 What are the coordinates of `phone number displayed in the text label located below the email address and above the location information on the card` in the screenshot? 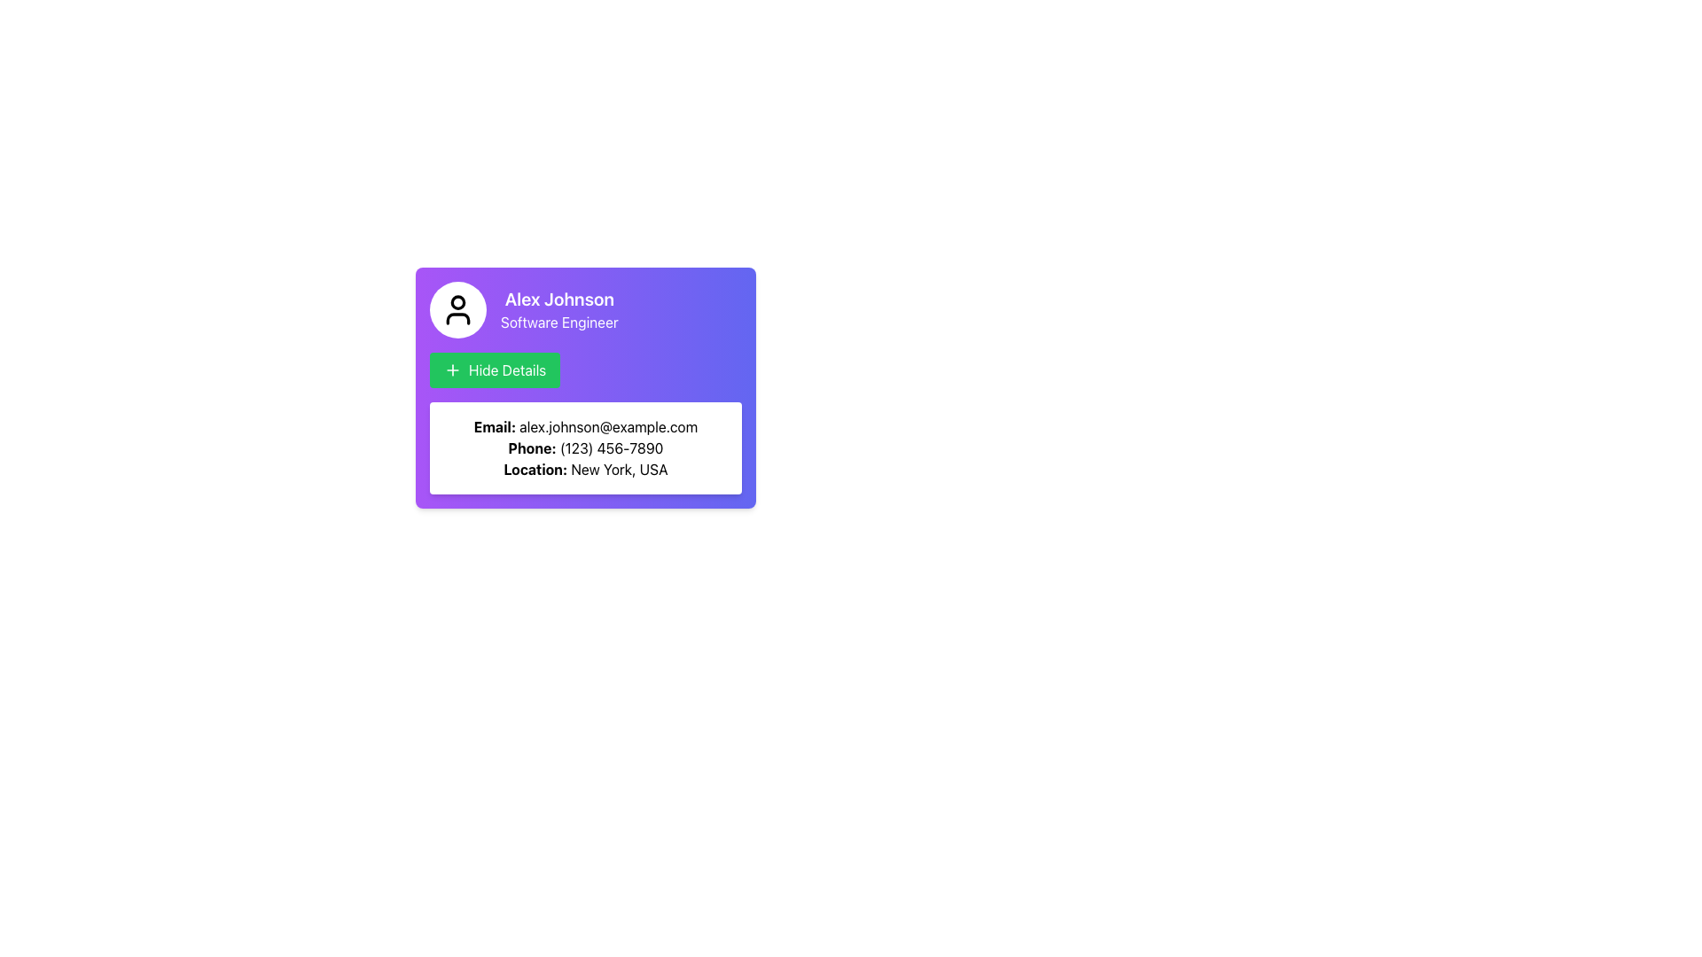 It's located at (586, 447).